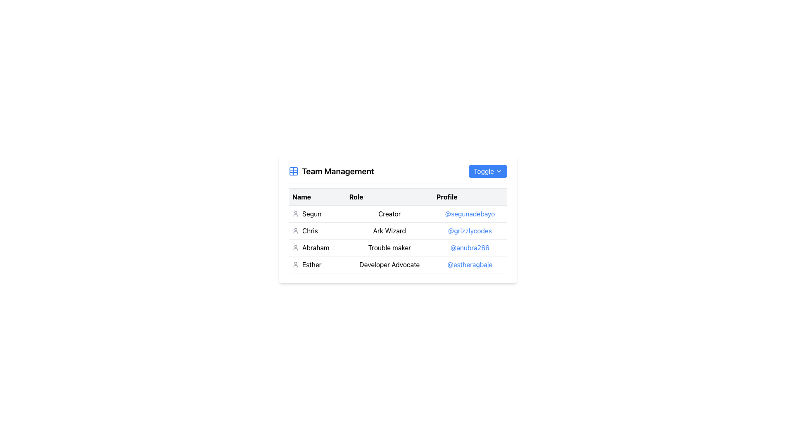  Describe the element at coordinates (470, 264) in the screenshot. I see `the Interactive Link that serves as a hyperlink to the GitHub profile of the user '@estheragbaje' located in the fourth row of the table under the 'Profile' column` at that location.